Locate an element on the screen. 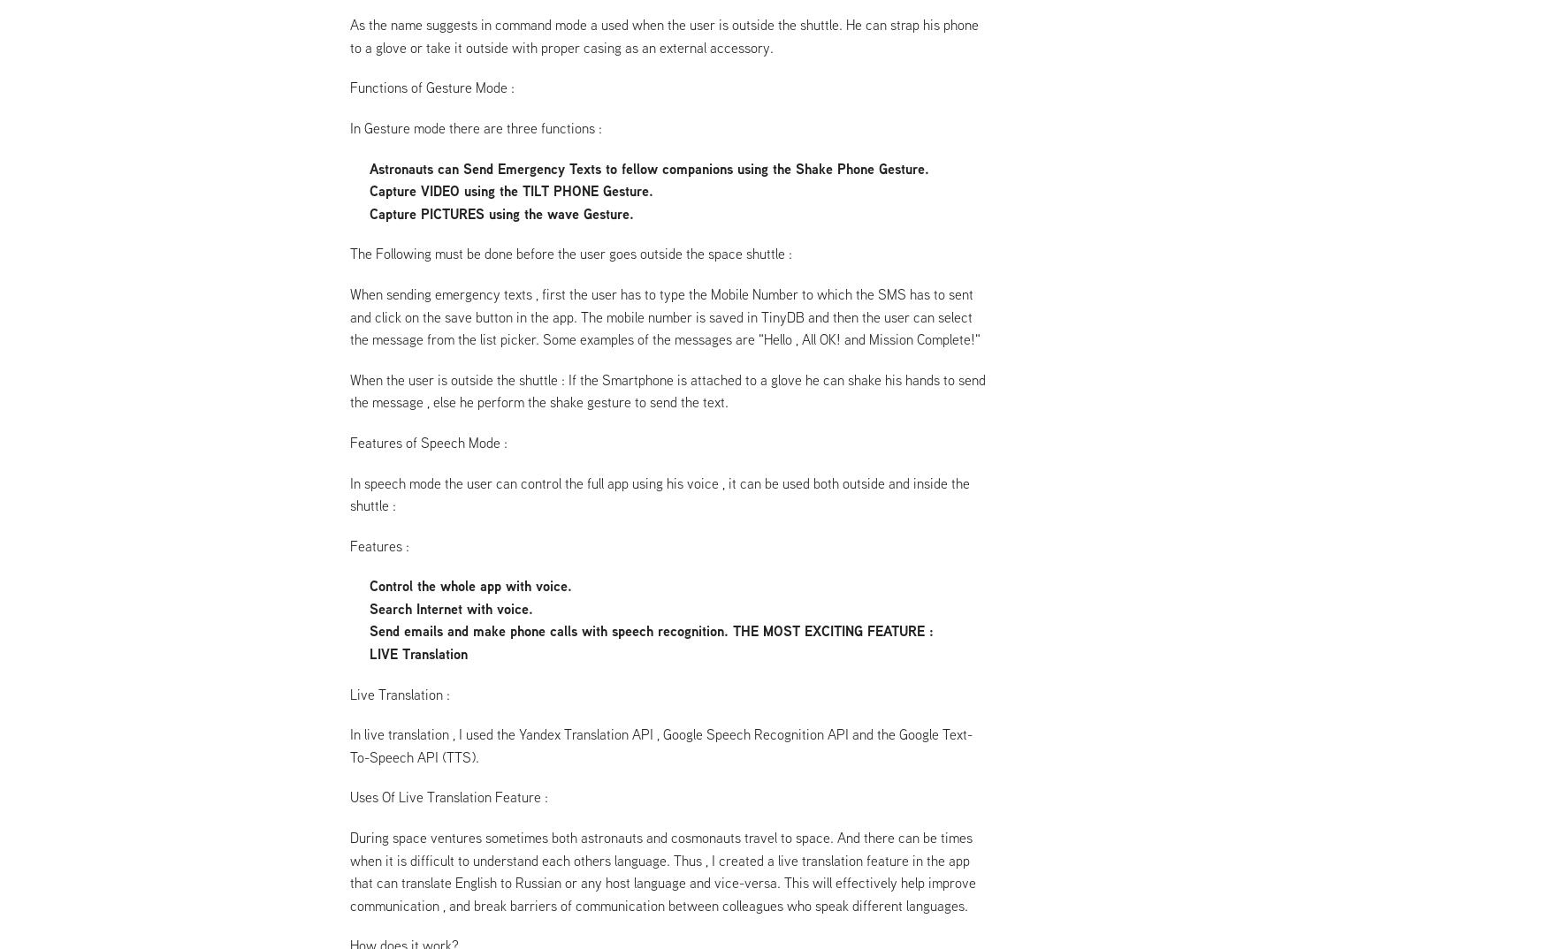 Image resolution: width=1557 pixels, height=949 pixels. 'In live translation , I used the Yandex Translation API , Google Speech Recognition API and the Google Text-To-Speech API (TTS).' is located at coordinates (347, 745).